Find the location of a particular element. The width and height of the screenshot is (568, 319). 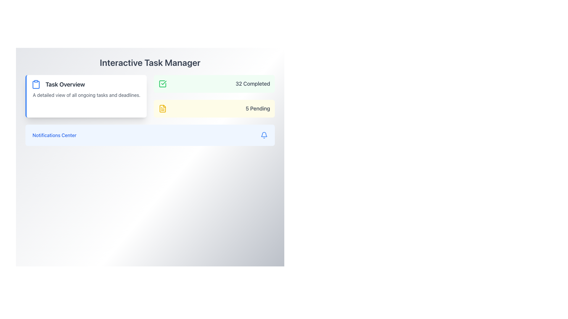

the green outlined square icon with rounded corners containing a checkmark, which is positioned to the left of the '32 Completed' label is located at coordinates (162, 84).